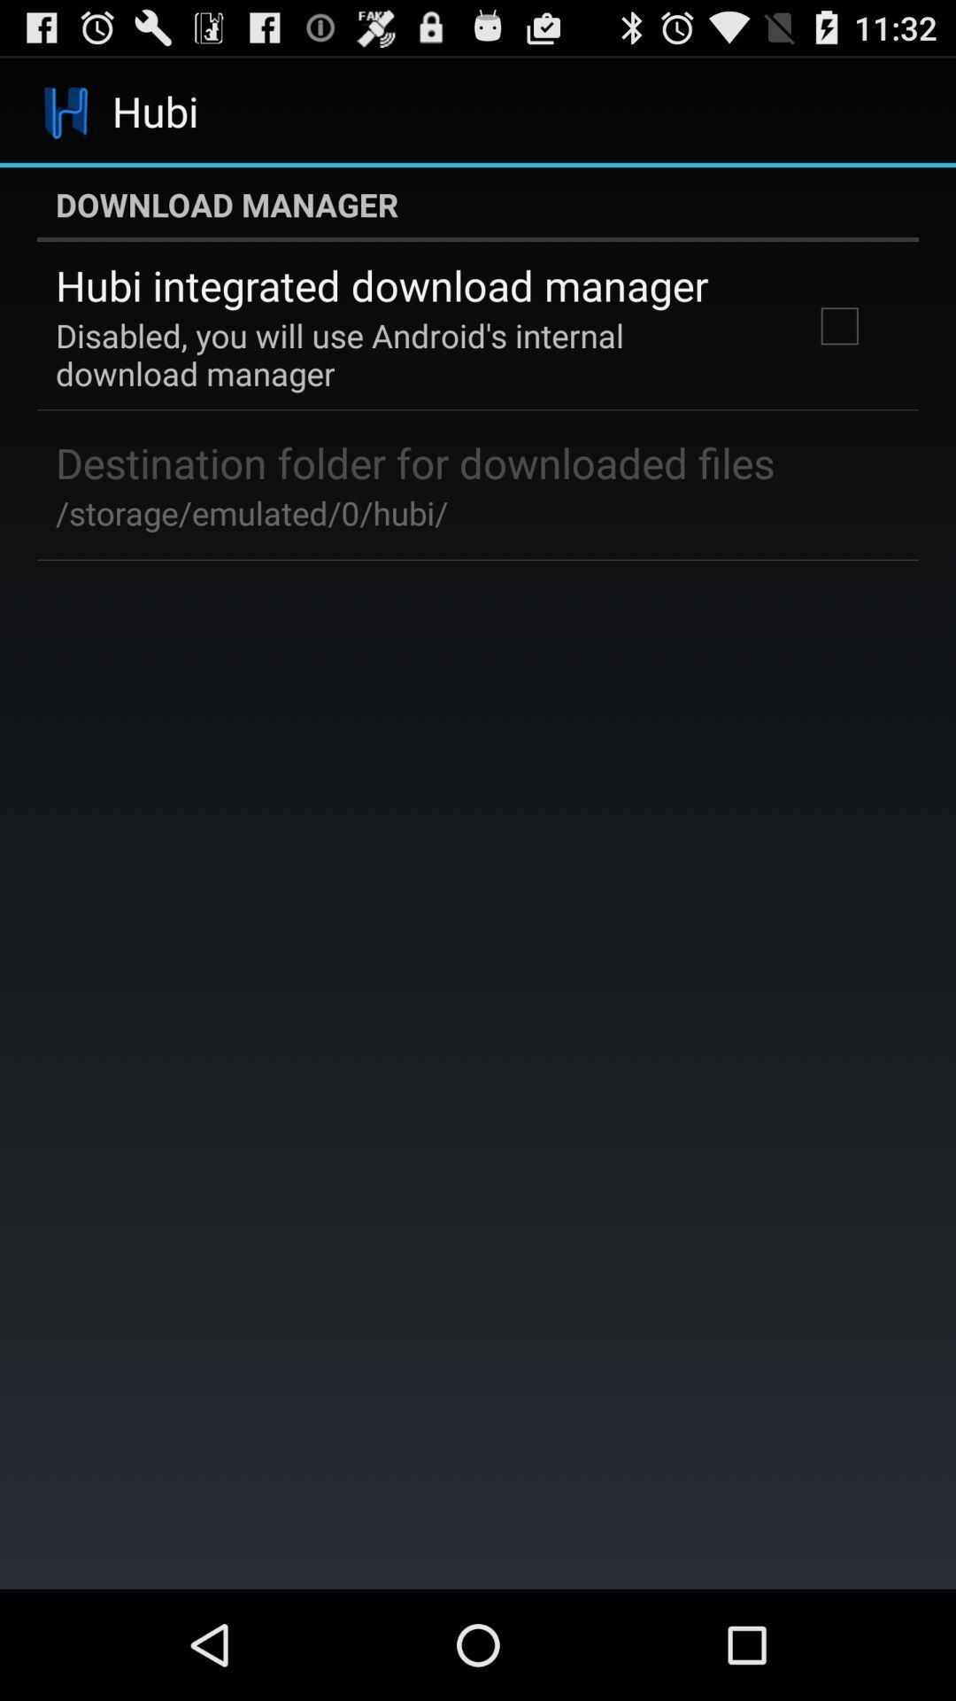 The image size is (956, 1701). Describe the element at coordinates (381, 285) in the screenshot. I see `the hubi integrated download item` at that location.